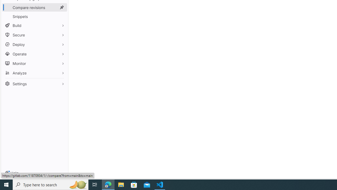 This screenshot has width=337, height=190. What do you see at coordinates (34, 25) in the screenshot?
I see `'Build'` at bounding box center [34, 25].